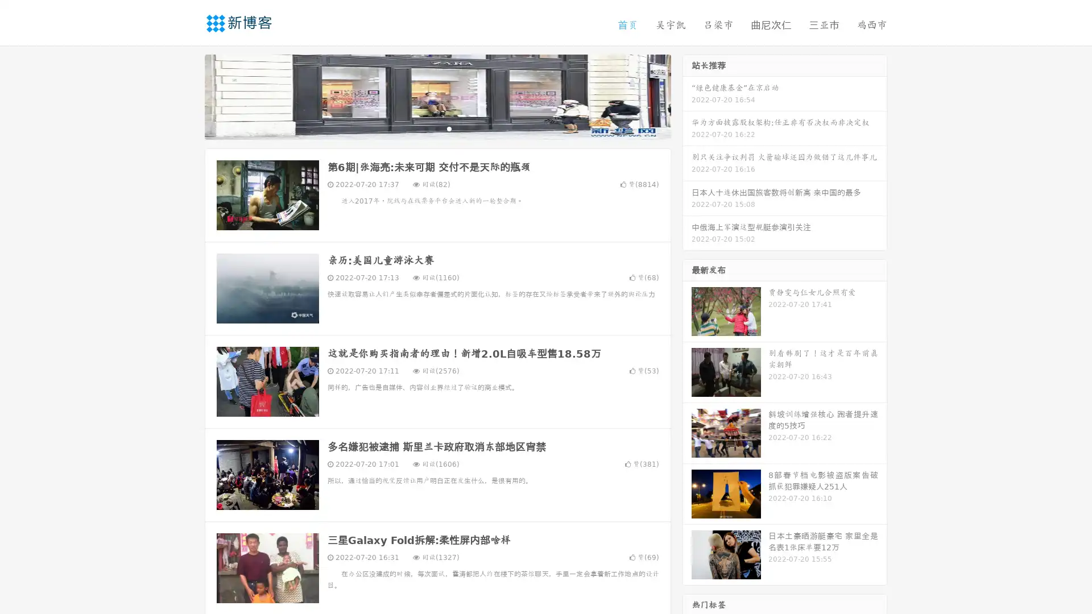 The image size is (1092, 614). I want to click on Go to slide 1, so click(425, 128).